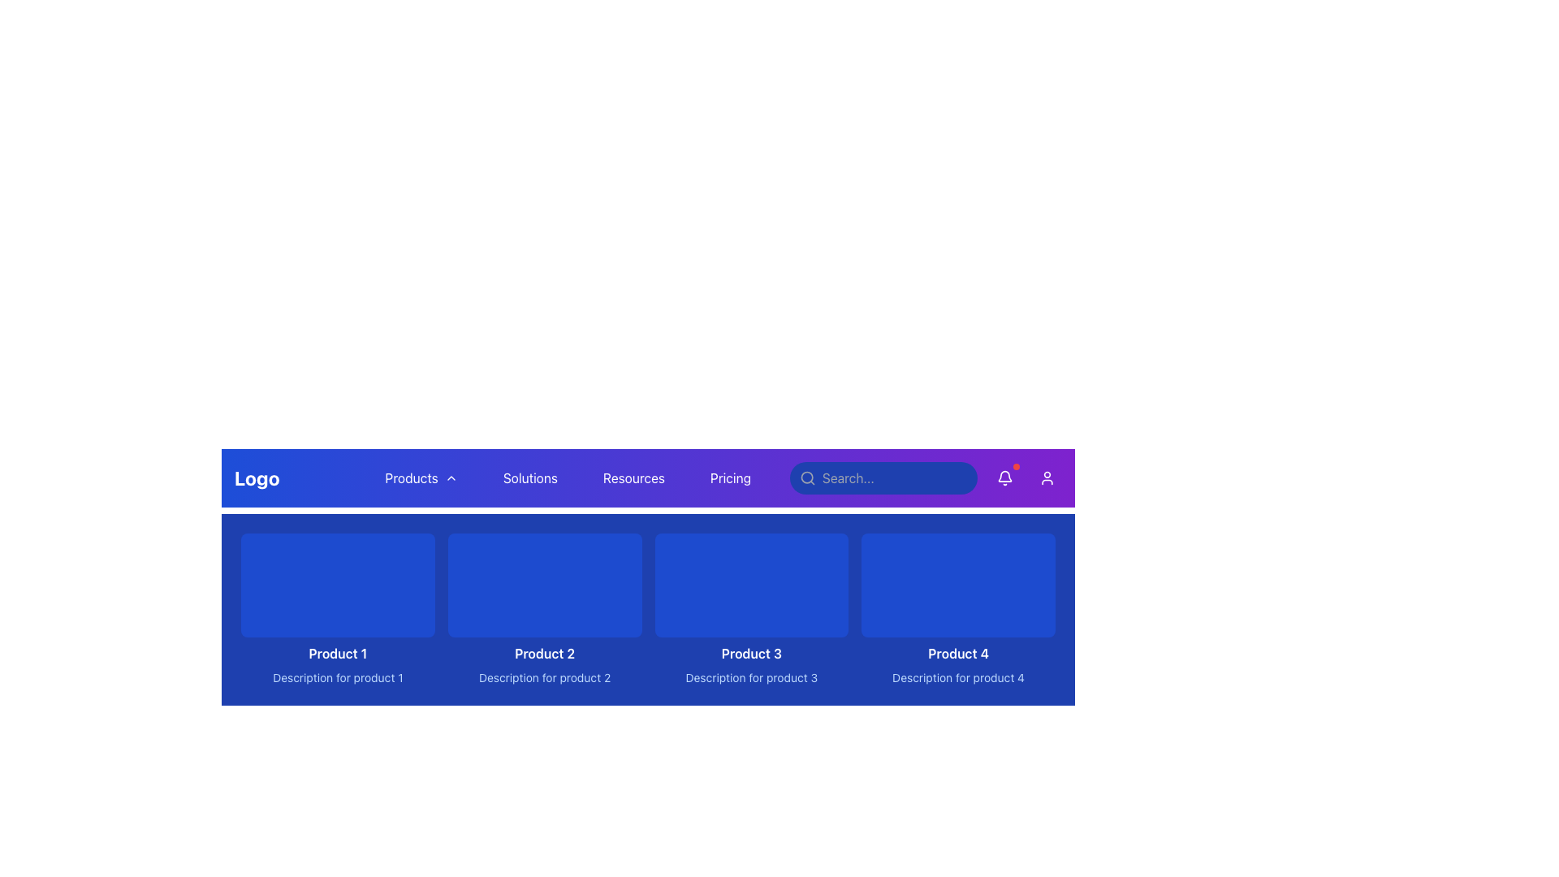 This screenshot has height=877, width=1559. Describe the element at coordinates (1004, 477) in the screenshot. I see `the notification button located in the top-right corner of the header bar` at that location.